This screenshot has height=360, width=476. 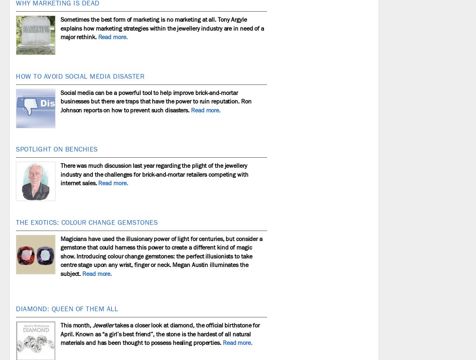 What do you see at coordinates (16, 308) in the screenshot?
I see `'Diamond: Queen of them all'` at bounding box center [16, 308].